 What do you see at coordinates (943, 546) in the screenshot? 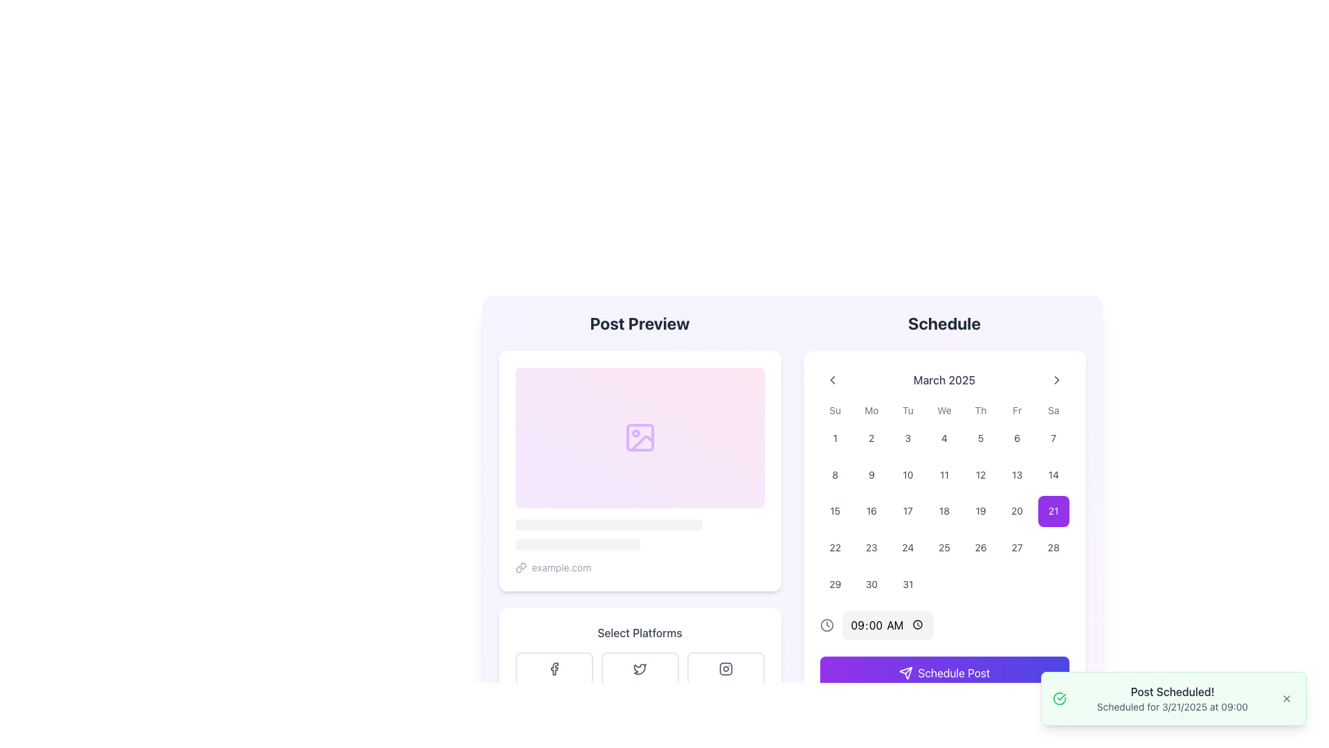
I see `the square button displaying the number '25' in gray color located in the 'Schedule' section of the calendar layout` at bounding box center [943, 546].